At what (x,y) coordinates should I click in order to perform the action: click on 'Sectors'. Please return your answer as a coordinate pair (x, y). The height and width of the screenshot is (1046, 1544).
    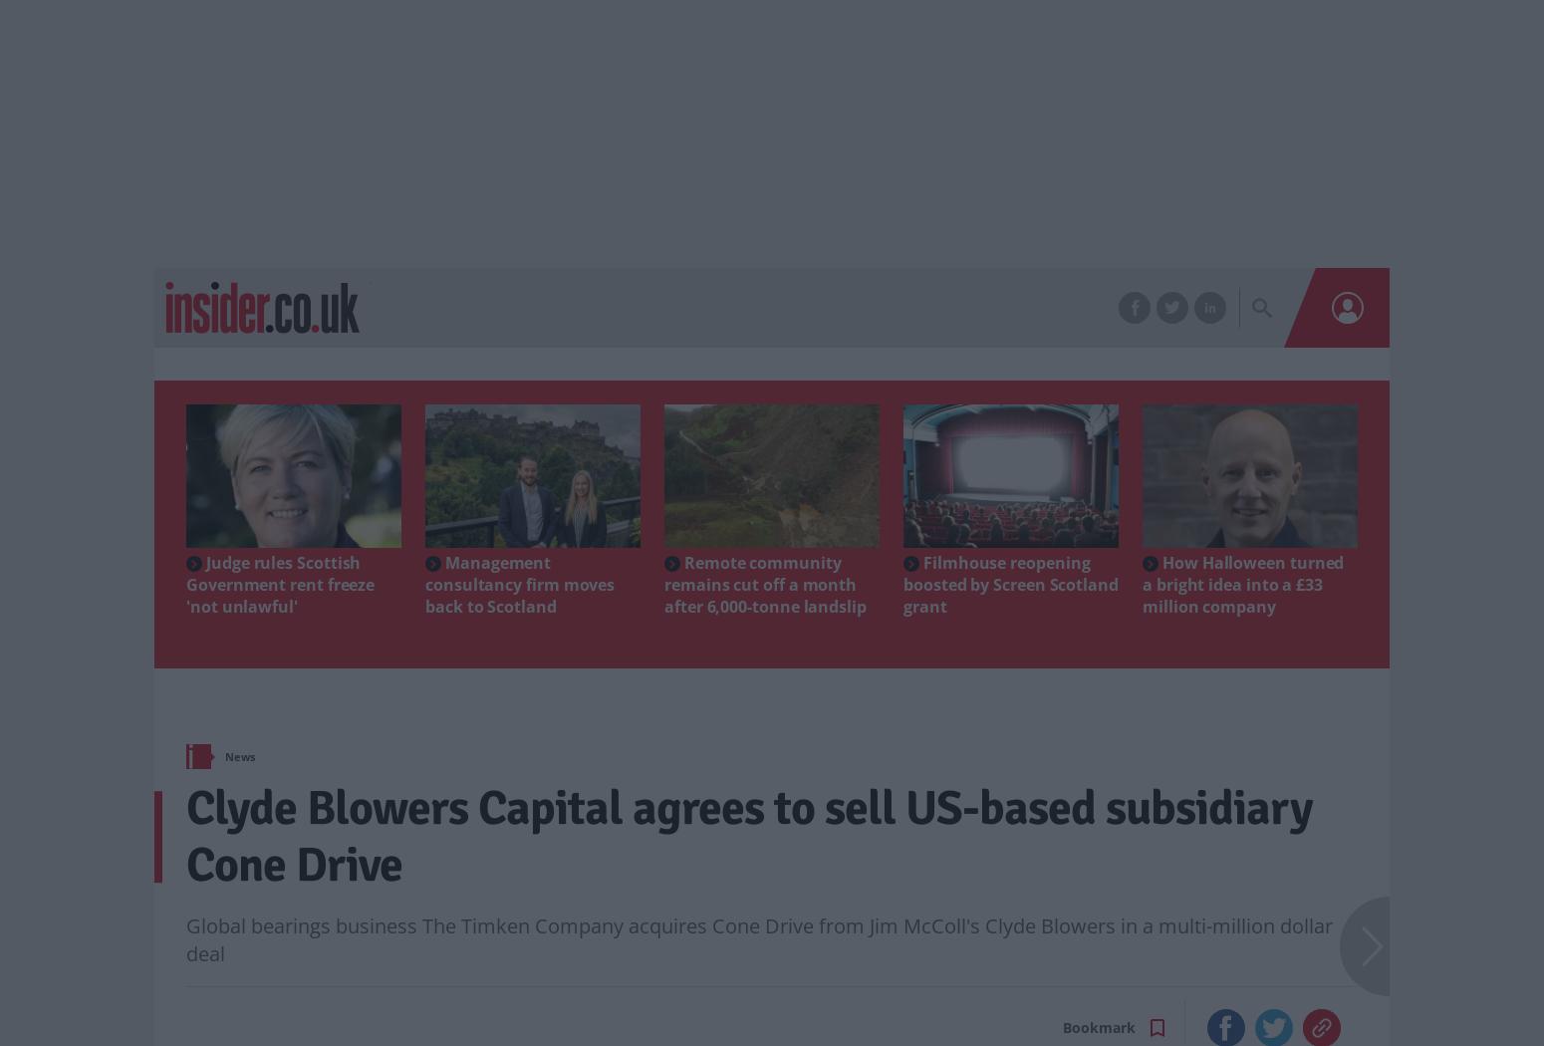
    Looking at the image, I should click on (613, 310).